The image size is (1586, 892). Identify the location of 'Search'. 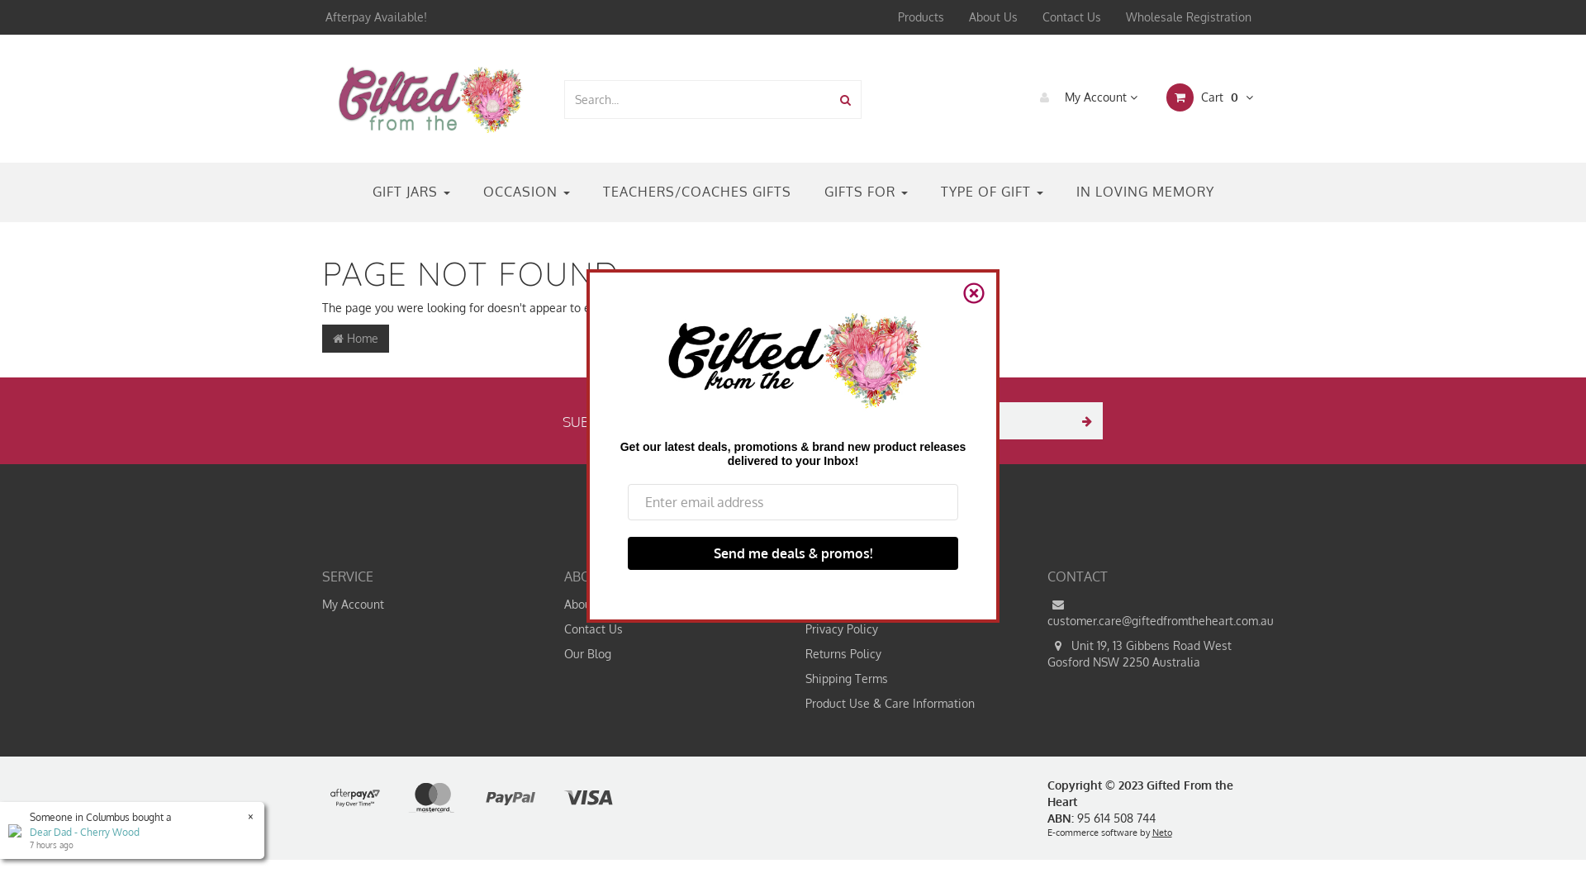
(844, 99).